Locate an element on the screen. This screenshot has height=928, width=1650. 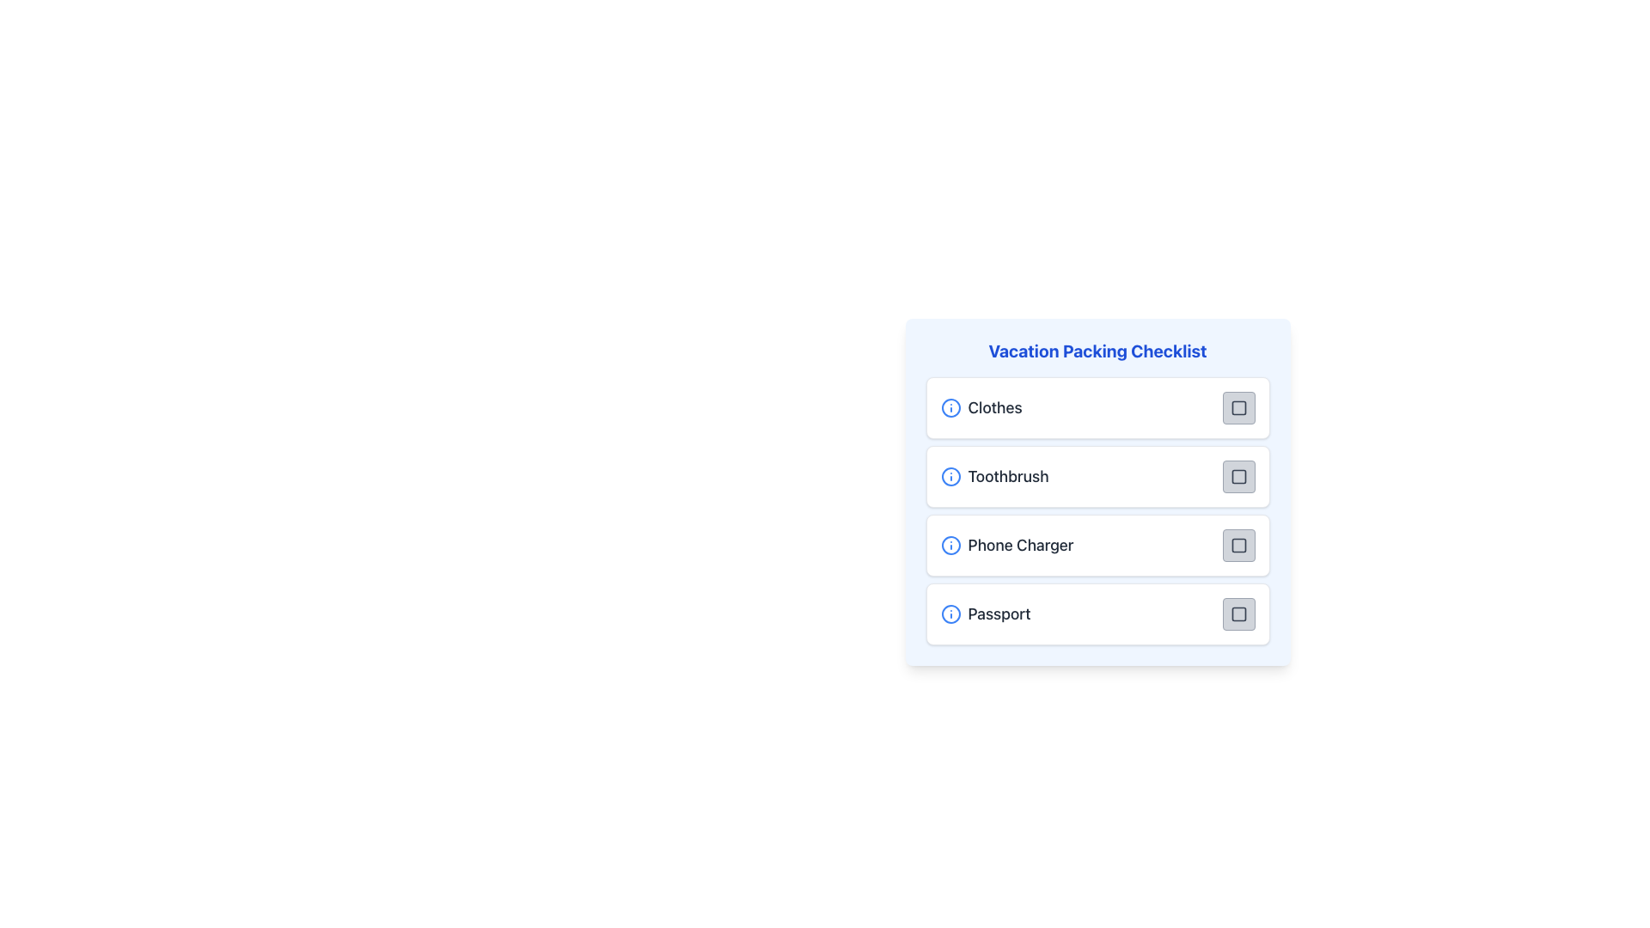
the checkbox associated with the 'Passport' entry is located at coordinates (1238, 613).